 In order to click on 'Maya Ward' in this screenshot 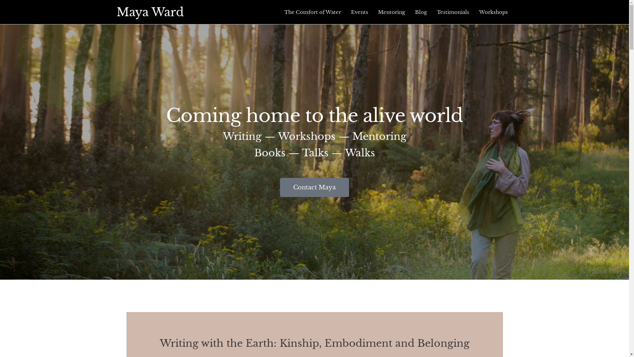, I will do `click(150, 12)`.